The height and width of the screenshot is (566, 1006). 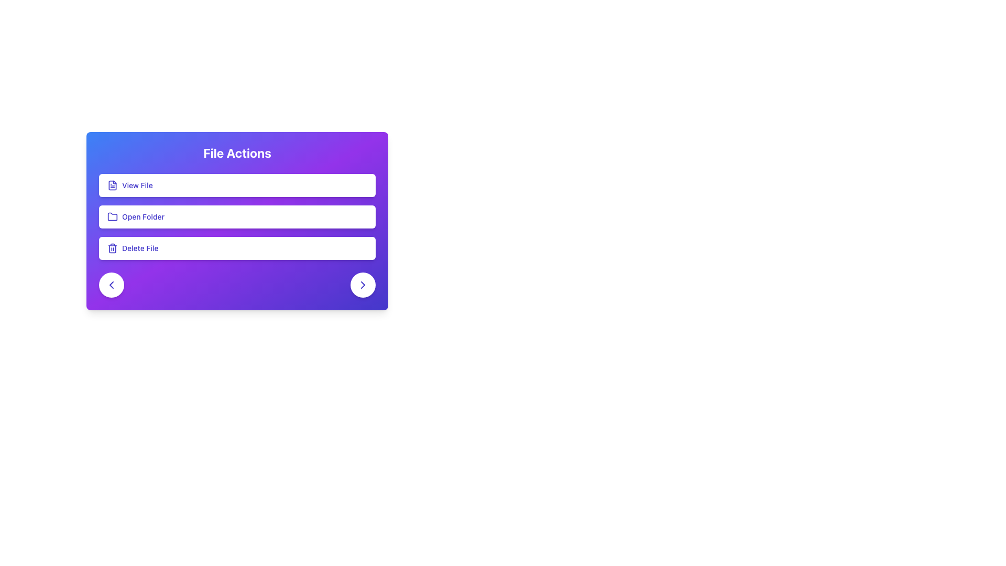 I want to click on the chevron-right icon inside the rounded white button located at the bottom-right section of the purple card containing the 'File Actions' heading to initiate a forward action, so click(x=363, y=285).